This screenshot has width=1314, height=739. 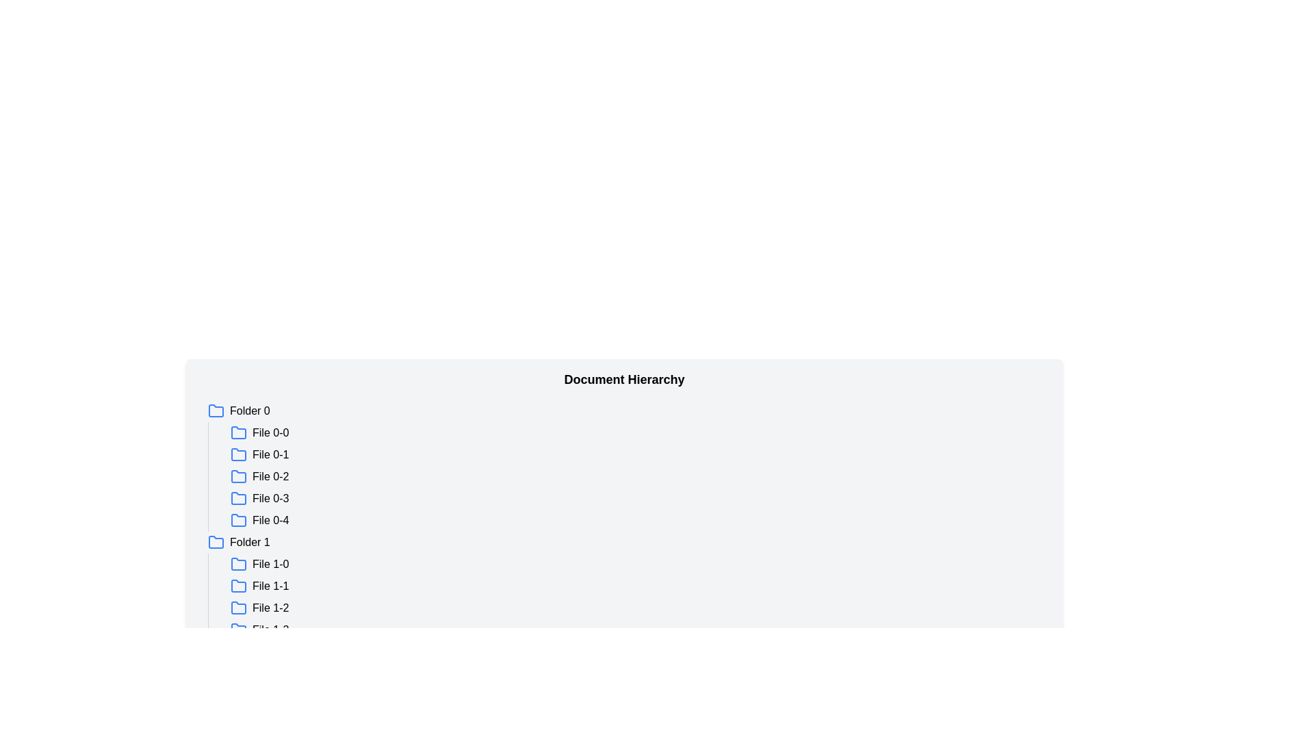 What do you see at coordinates (250, 542) in the screenshot?
I see `the text label 'Folder 1'` at bounding box center [250, 542].